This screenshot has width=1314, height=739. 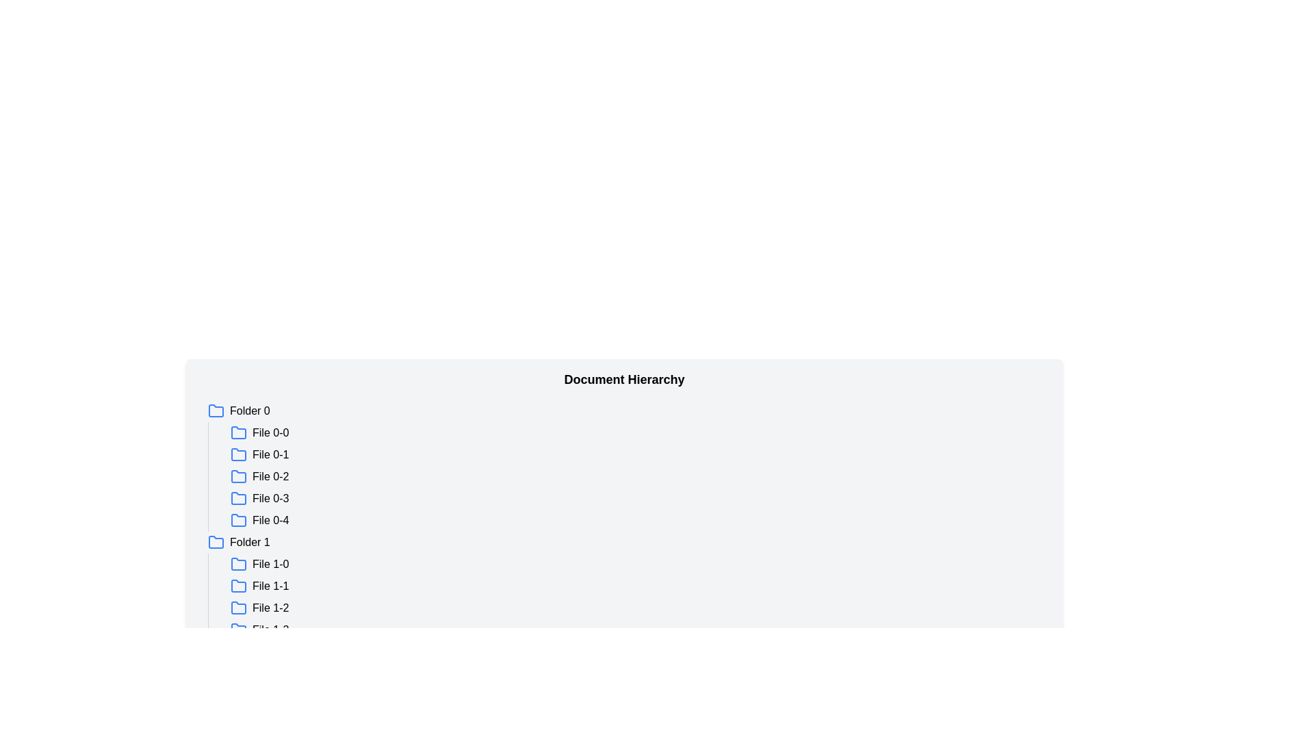 What do you see at coordinates (250, 542) in the screenshot?
I see `the text label 'Folder 1'` at bounding box center [250, 542].